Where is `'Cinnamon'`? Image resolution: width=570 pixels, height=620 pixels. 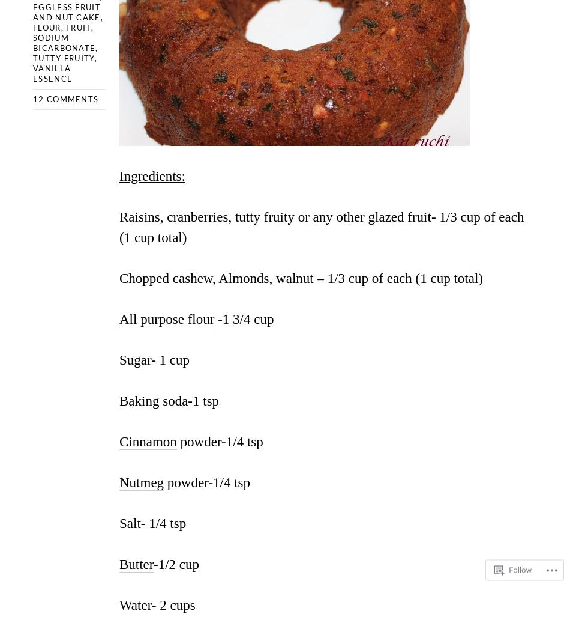 'Cinnamon' is located at coordinates (147, 440).